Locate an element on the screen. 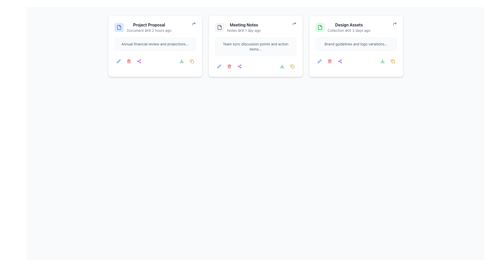  the 'Design Assets' interactive card, which is the third card in a three-column grid layout is located at coordinates (356, 46).